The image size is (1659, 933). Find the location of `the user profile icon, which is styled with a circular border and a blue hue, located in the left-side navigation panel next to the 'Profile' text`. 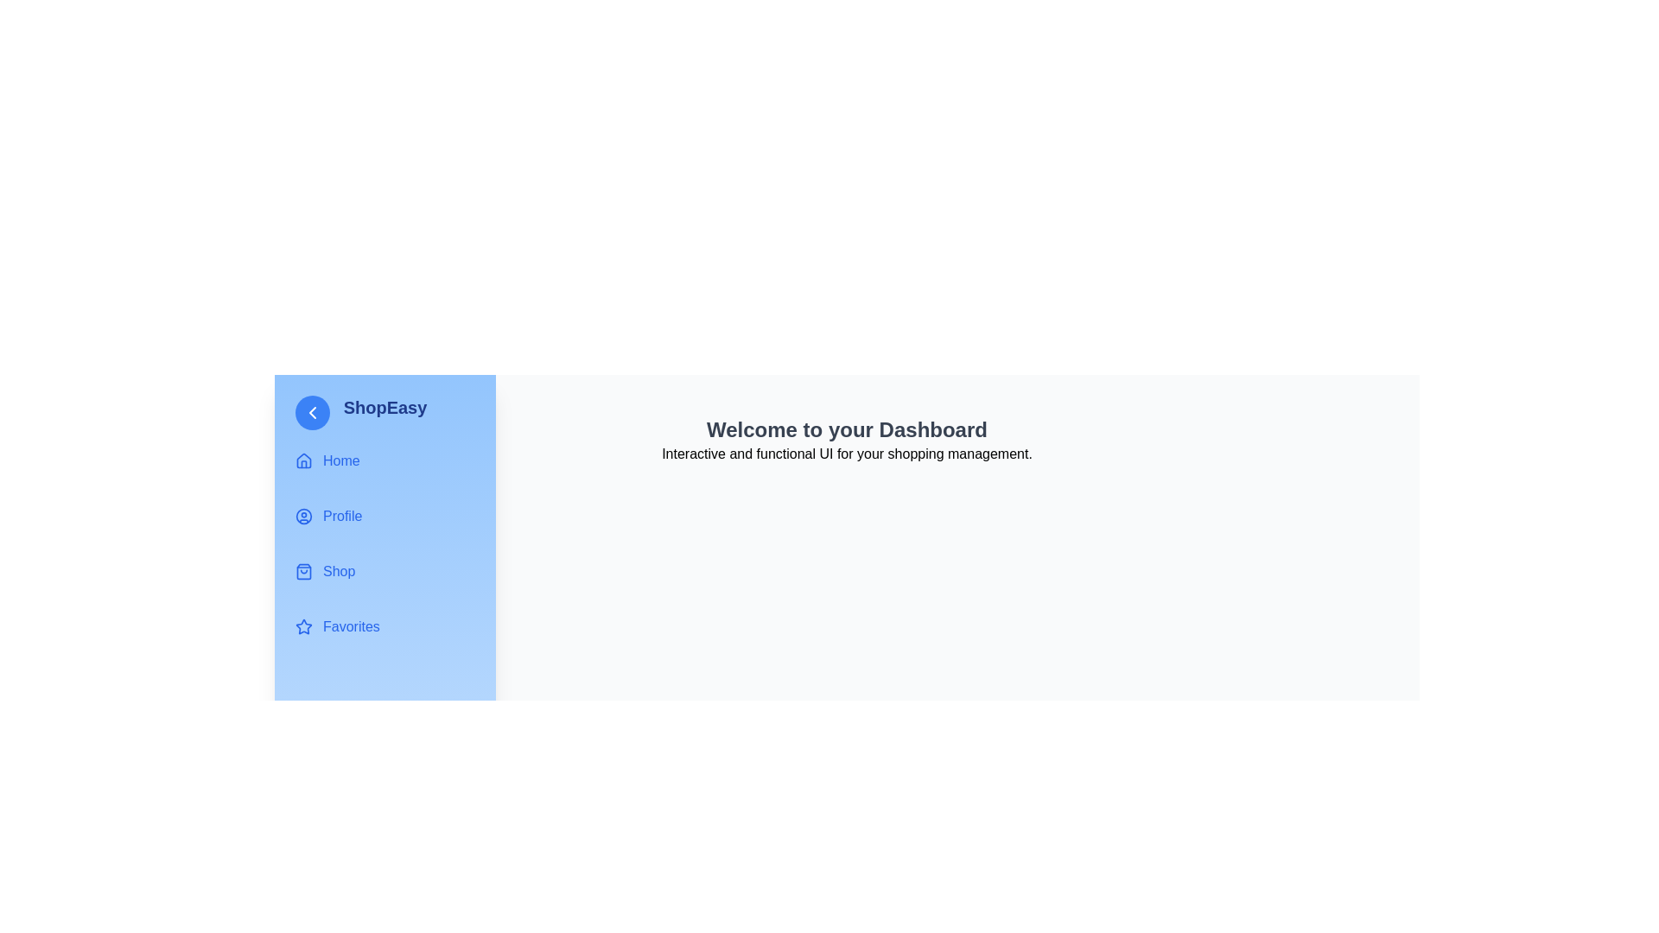

the user profile icon, which is styled with a circular border and a blue hue, located in the left-side navigation panel next to the 'Profile' text is located at coordinates (303, 515).